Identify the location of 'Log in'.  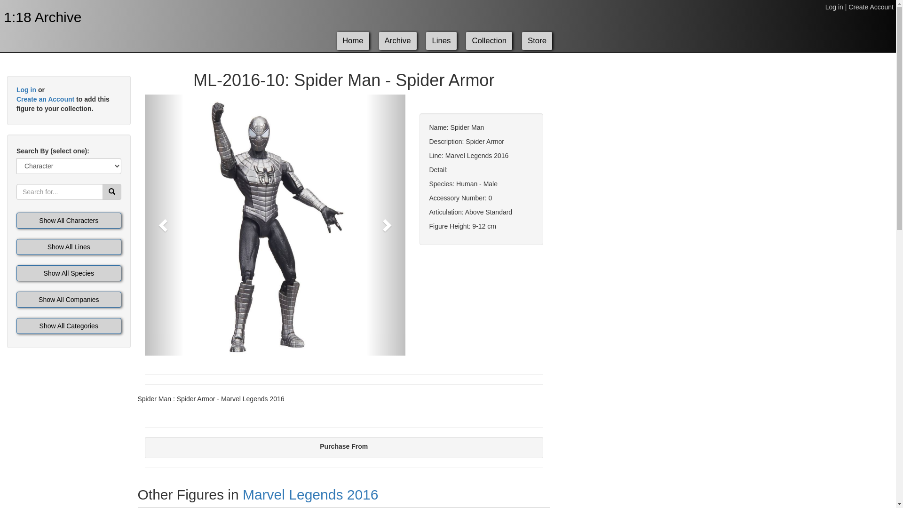
(26, 90).